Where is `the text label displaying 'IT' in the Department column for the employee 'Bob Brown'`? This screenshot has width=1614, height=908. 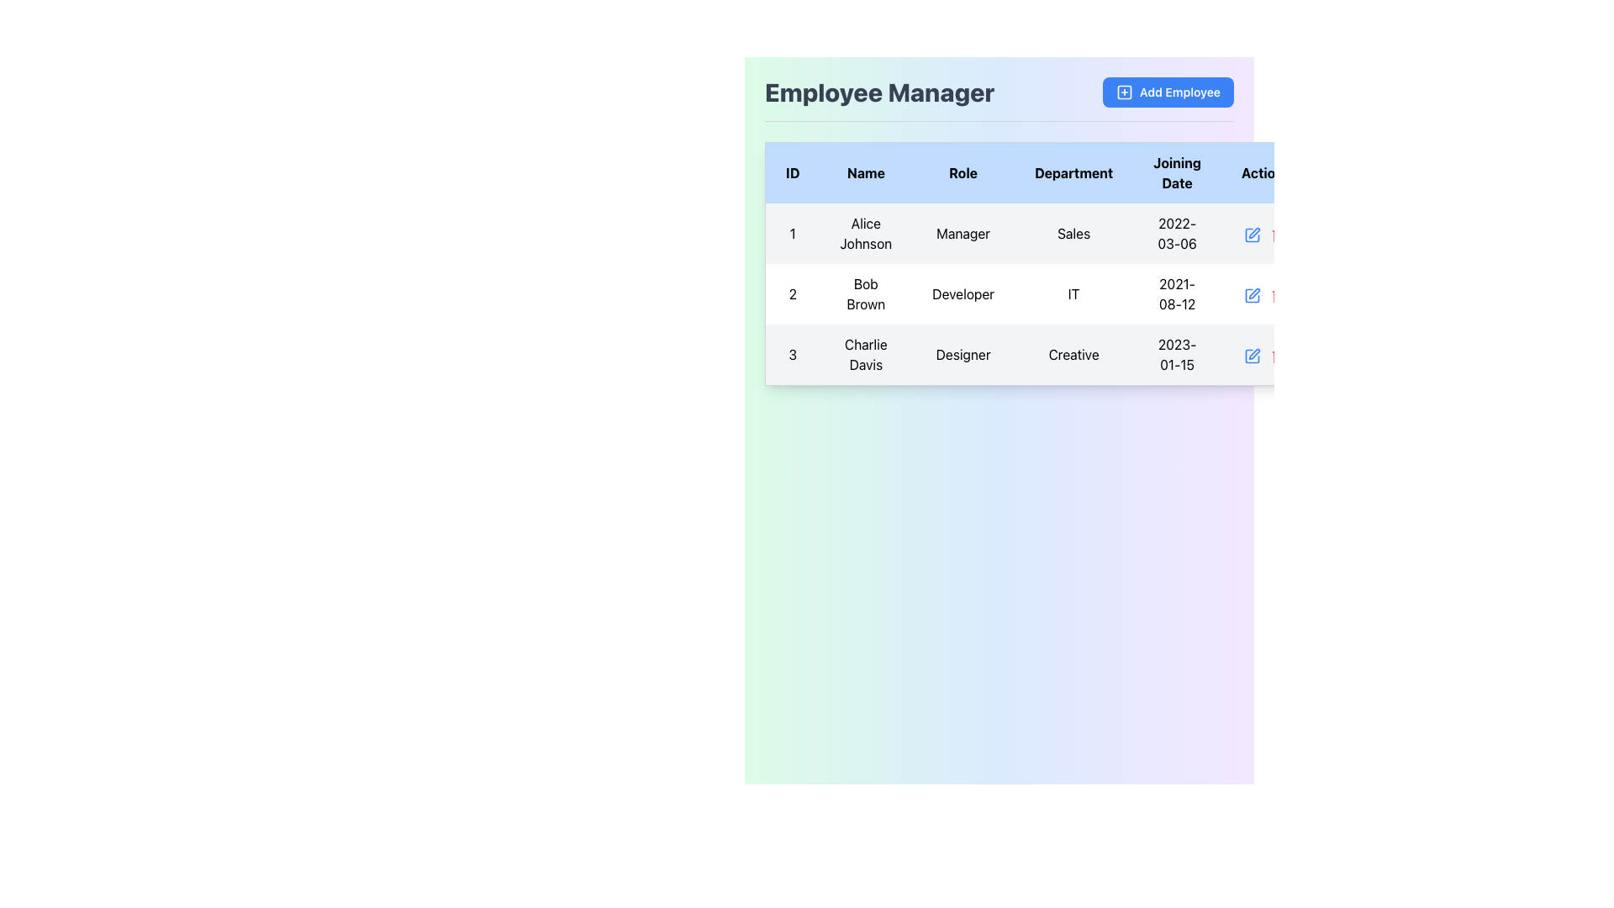
the text label displaying 'IT' in the Department column for the employee 'Bob Brown' is located at coordinates (1073, 293).